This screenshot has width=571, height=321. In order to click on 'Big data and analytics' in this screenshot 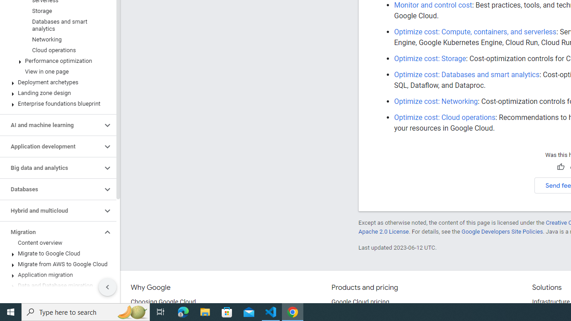, I will do `click(50, 168)`.